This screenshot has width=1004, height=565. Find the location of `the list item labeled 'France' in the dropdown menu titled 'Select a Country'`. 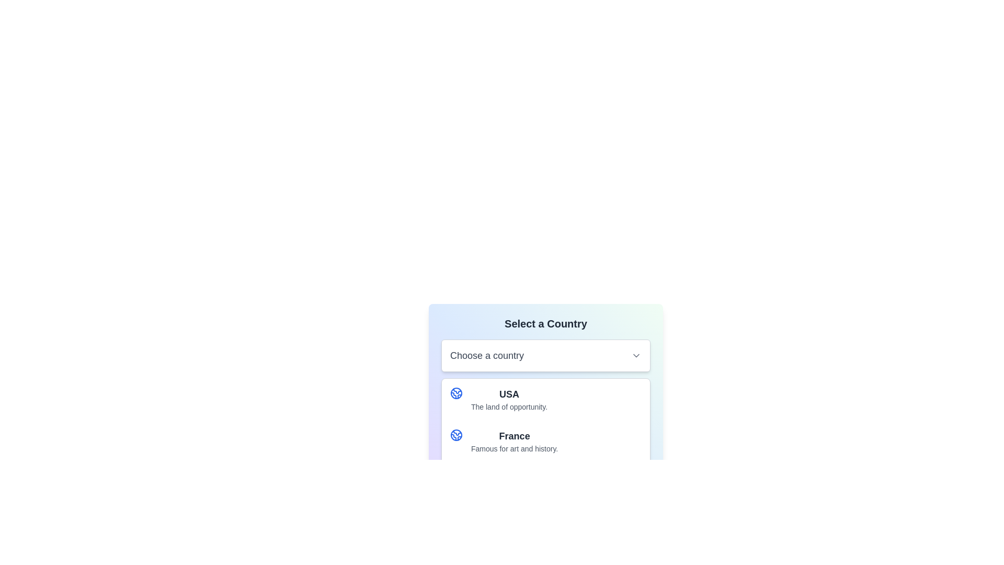

the list item labeled 'France' in the dropdown menu titled 'Select a Country' is located at coordinates (515, 442).